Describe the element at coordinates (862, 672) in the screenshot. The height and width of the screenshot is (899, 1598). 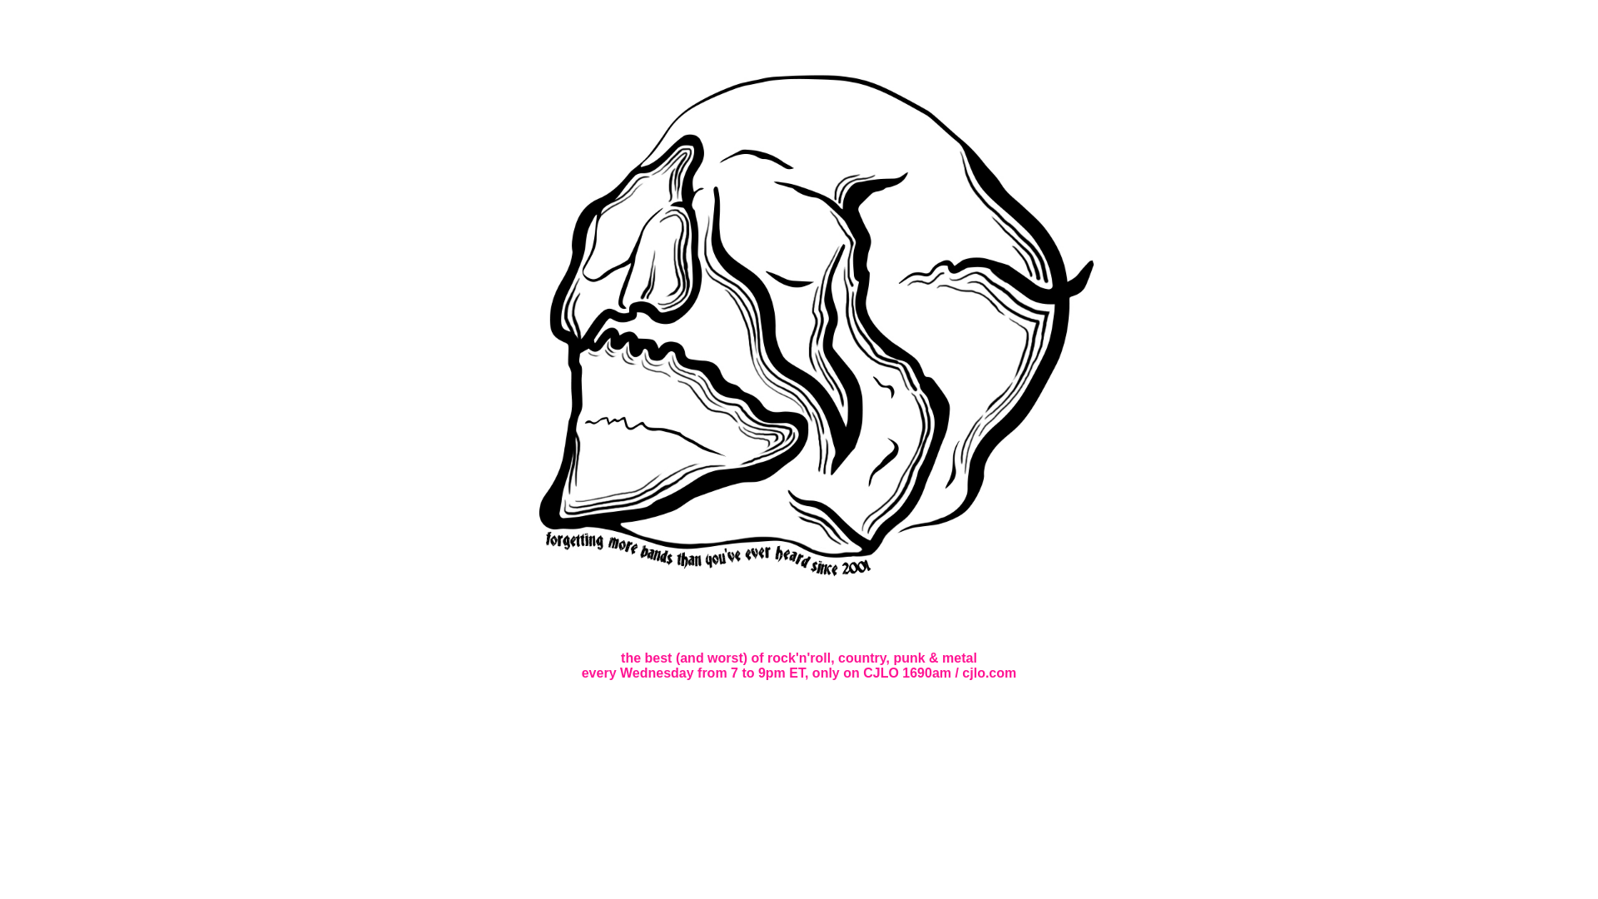
I see `'CJLO 1690am / cjlo.com'` at that location.